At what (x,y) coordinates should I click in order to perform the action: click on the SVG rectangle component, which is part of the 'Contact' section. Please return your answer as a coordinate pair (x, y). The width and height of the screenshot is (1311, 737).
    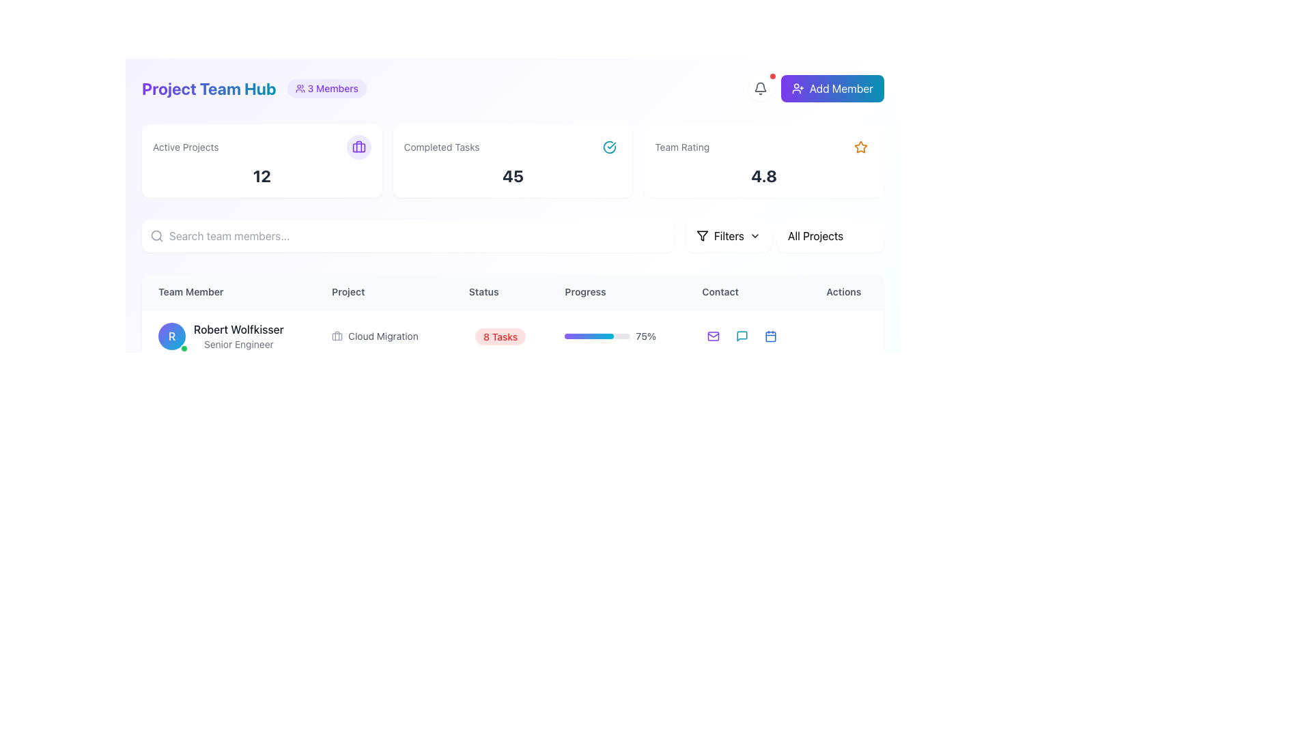
    Looking at the image, I should click on (713, 388).